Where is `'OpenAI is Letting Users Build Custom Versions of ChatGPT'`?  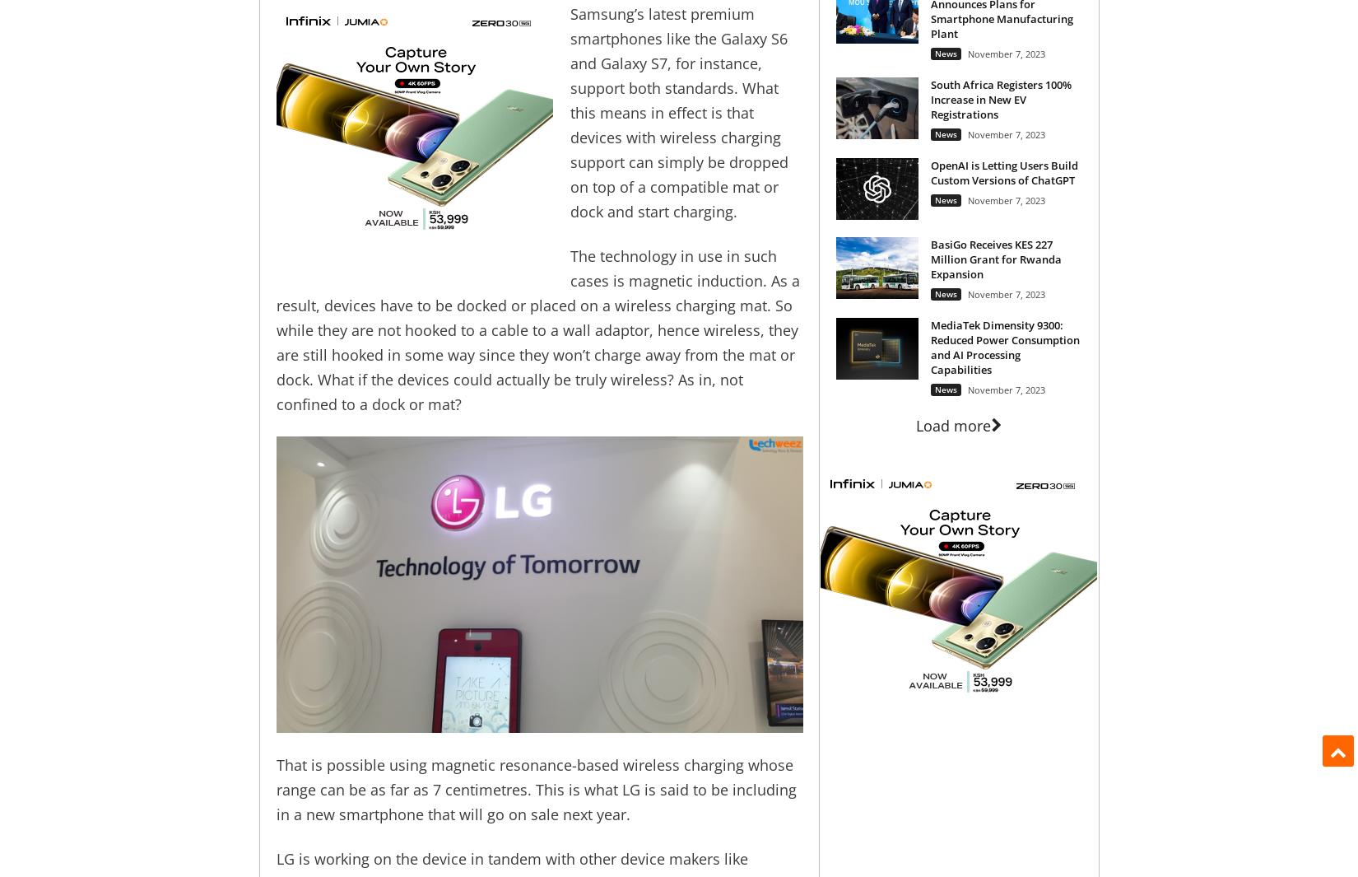
'OpenAI is Letting Users Build Custom Versions of ChatGPT' is located at coordinates (1003, 170).